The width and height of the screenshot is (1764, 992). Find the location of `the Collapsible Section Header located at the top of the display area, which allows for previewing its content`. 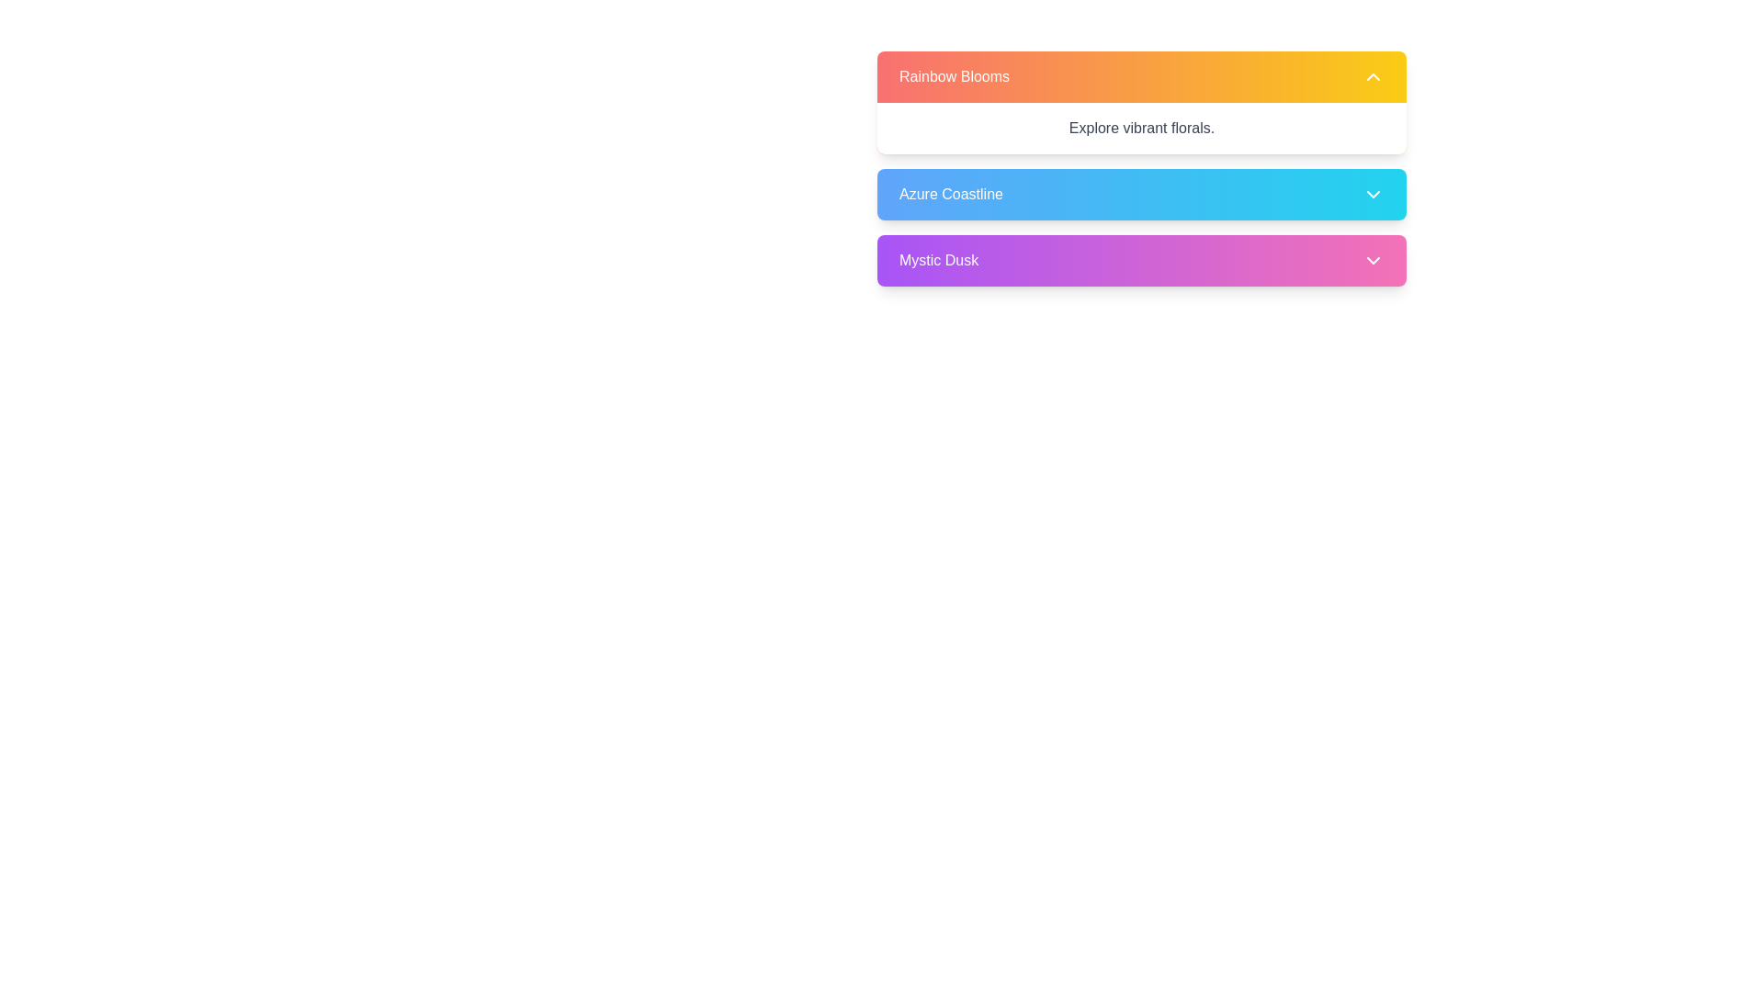

the Collapsible Section Header located at the top of the display area, which allows for previewing its content is located at coordinates (1141, 102).